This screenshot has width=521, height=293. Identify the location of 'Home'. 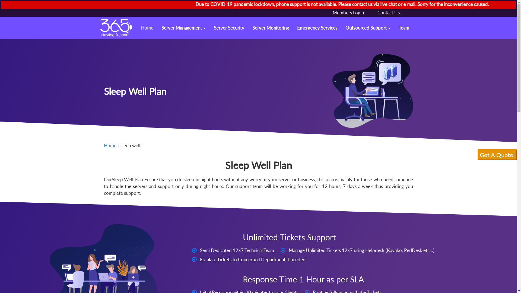
(147, 28).